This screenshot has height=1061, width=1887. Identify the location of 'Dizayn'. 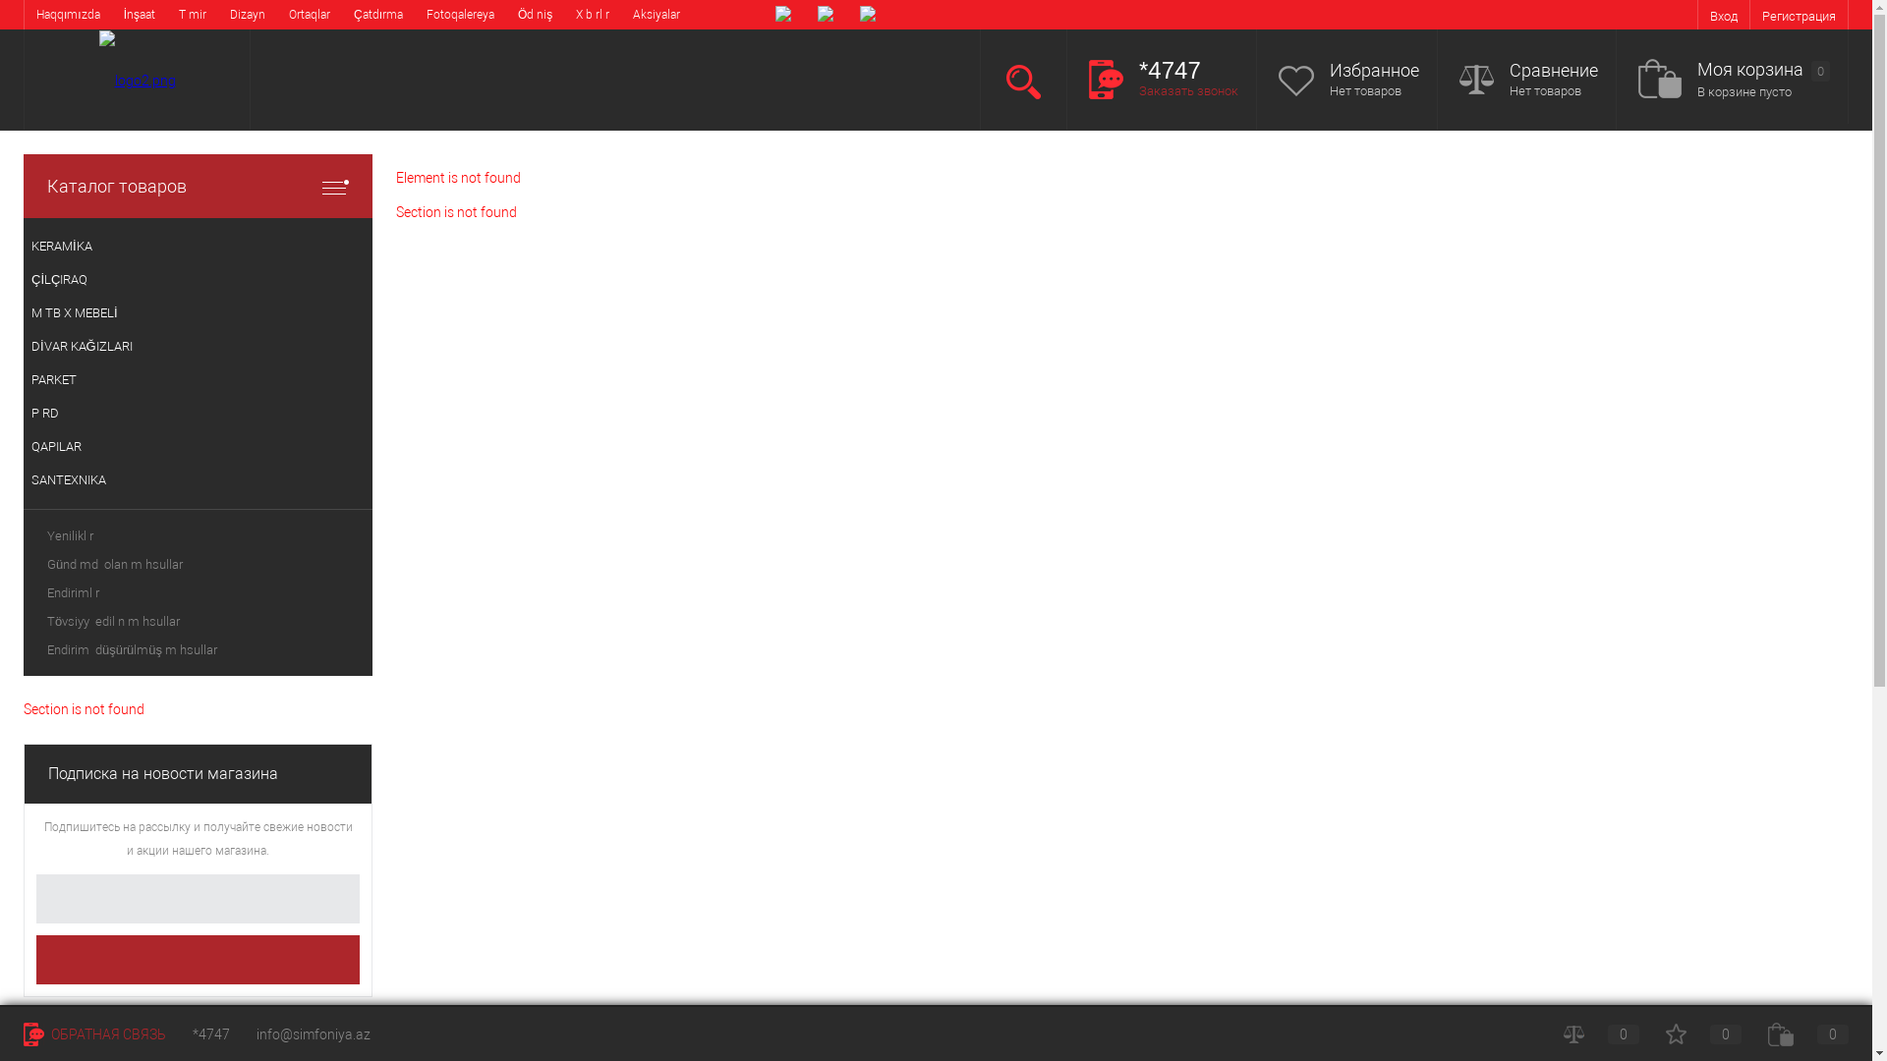
(247, 15).